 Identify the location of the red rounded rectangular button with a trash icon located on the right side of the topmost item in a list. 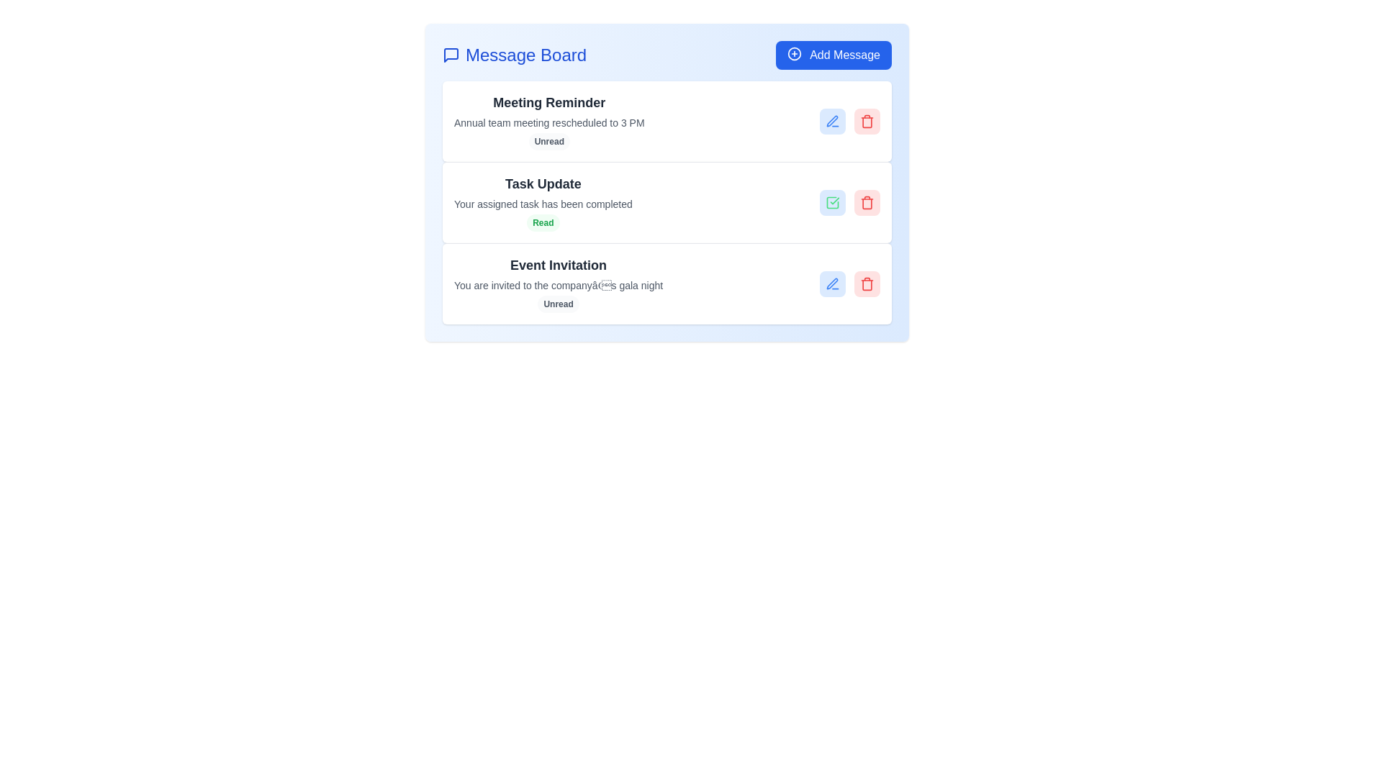
(866, 121).